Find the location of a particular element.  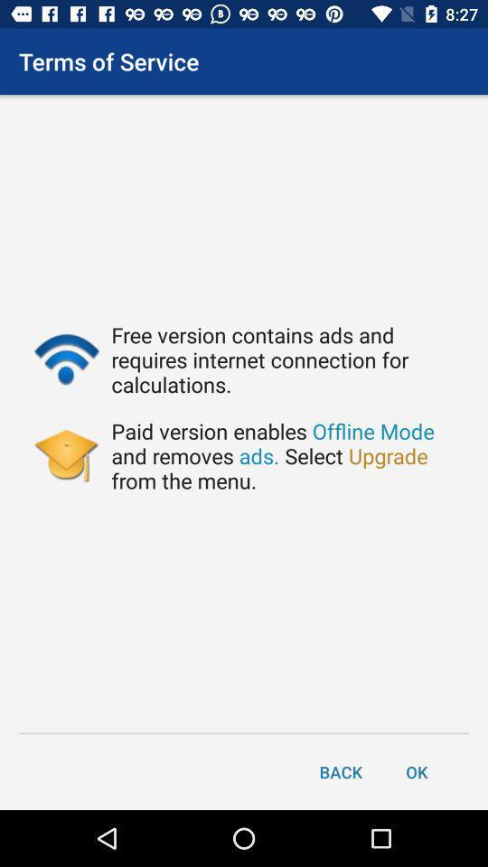

icon to the left of ok icon is located at coordinates (341, 770).